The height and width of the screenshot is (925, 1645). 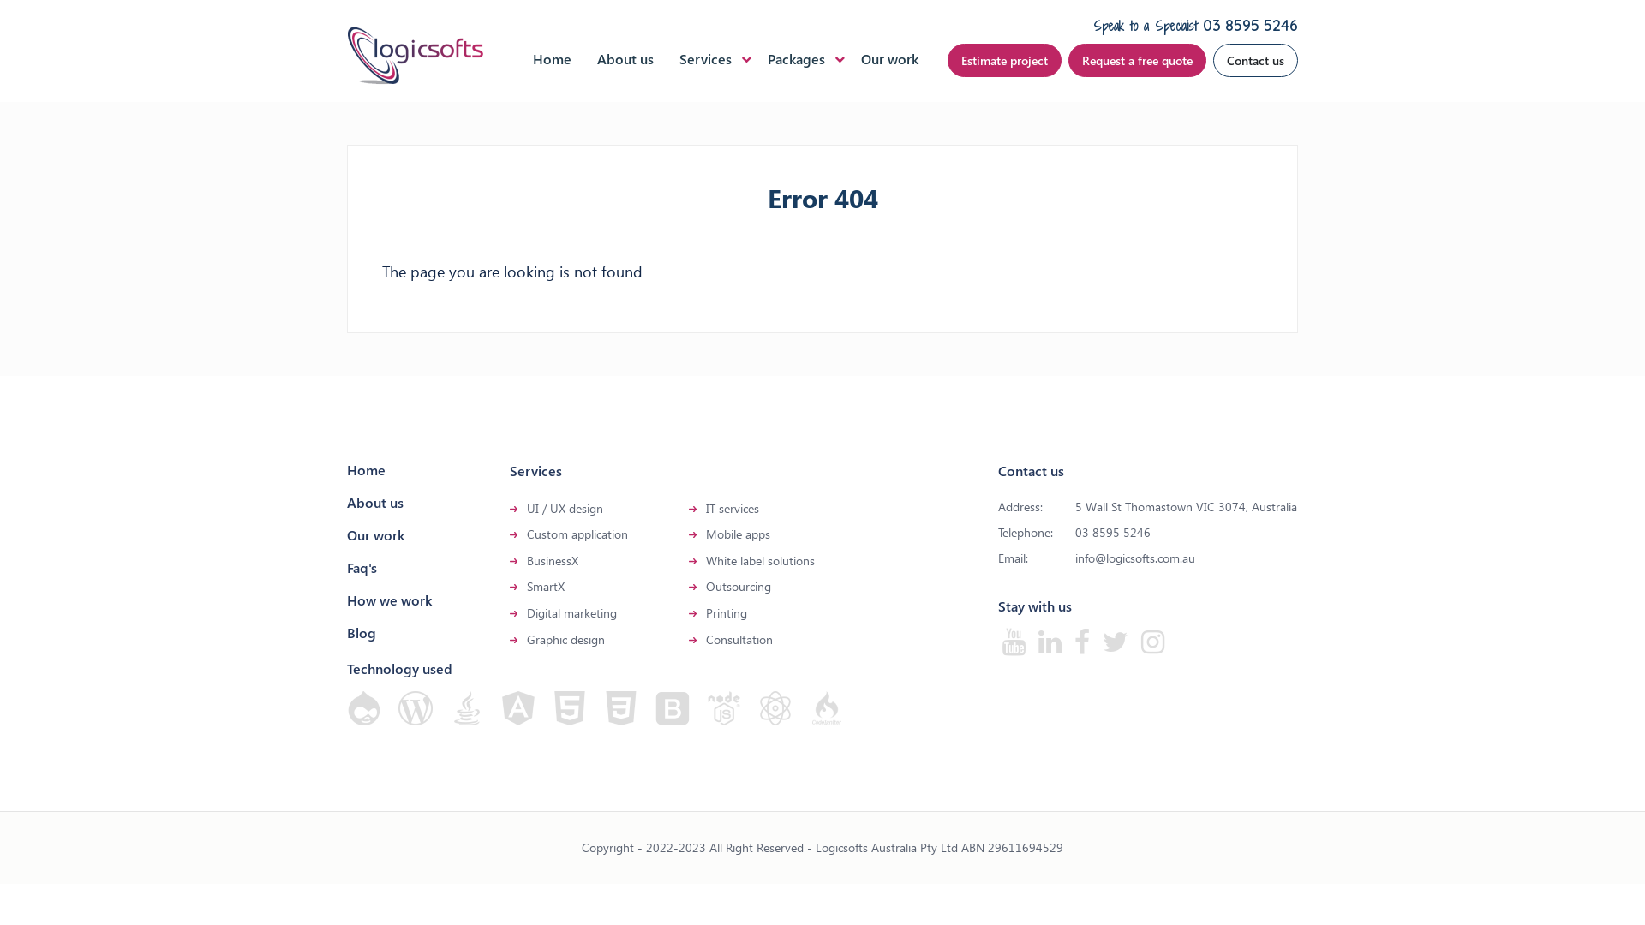 What do you see at coordinates (552, 560) in the screenshot?
I see `'BusinessX'` at bounding box center [552, 560].